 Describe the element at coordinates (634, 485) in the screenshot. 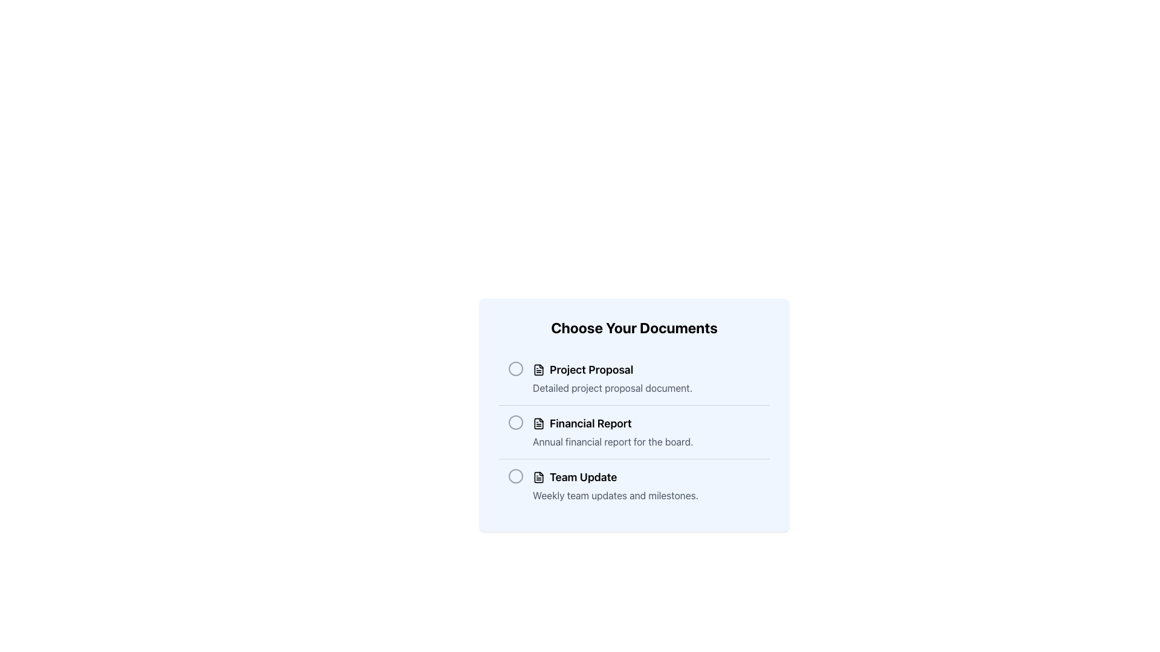

I see `the unselected radio button associated with the 'Team Update' option` at that location.